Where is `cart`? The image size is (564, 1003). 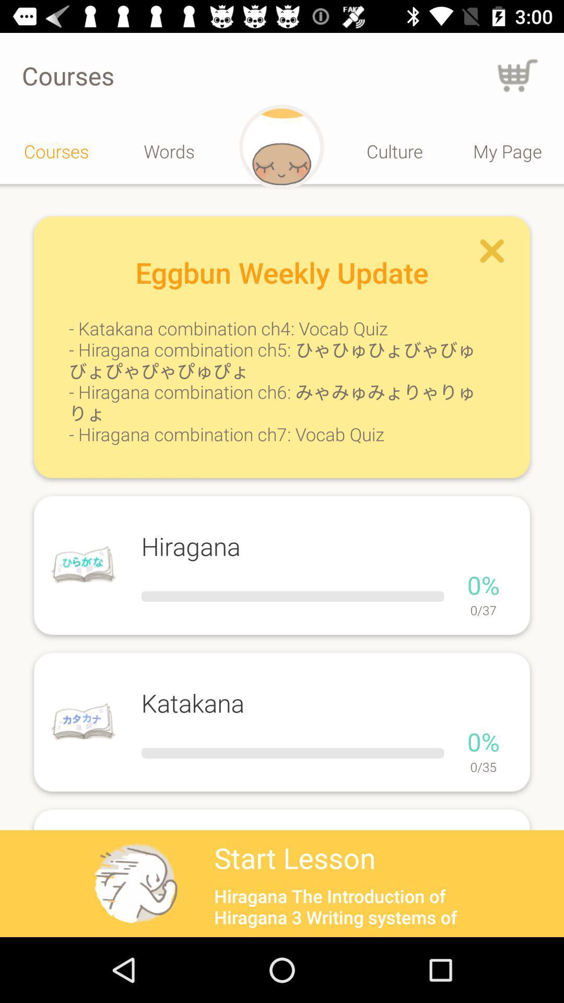 cart is located at coordinates (518, 75).